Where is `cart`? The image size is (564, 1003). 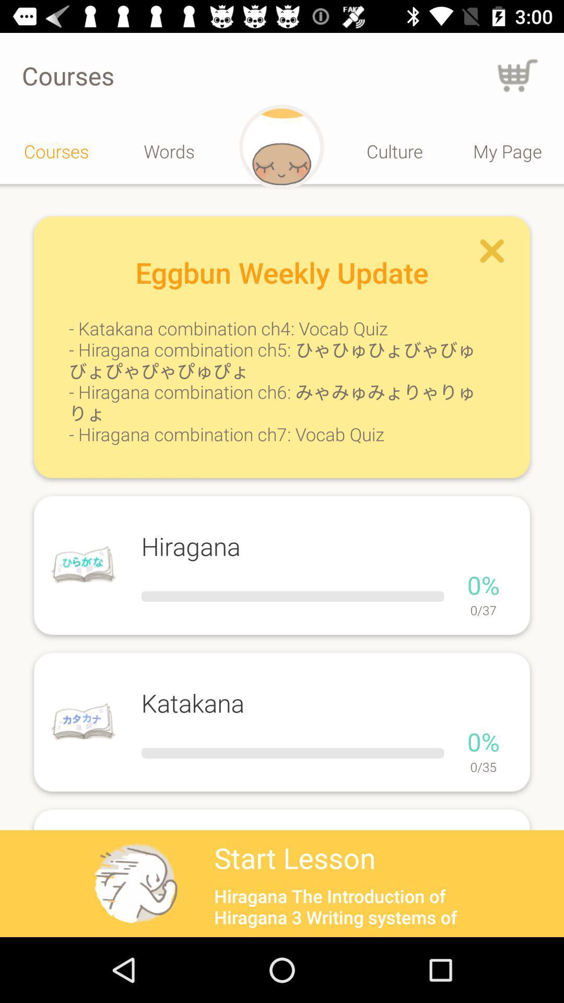 cart is located at coordinates (518, 75).